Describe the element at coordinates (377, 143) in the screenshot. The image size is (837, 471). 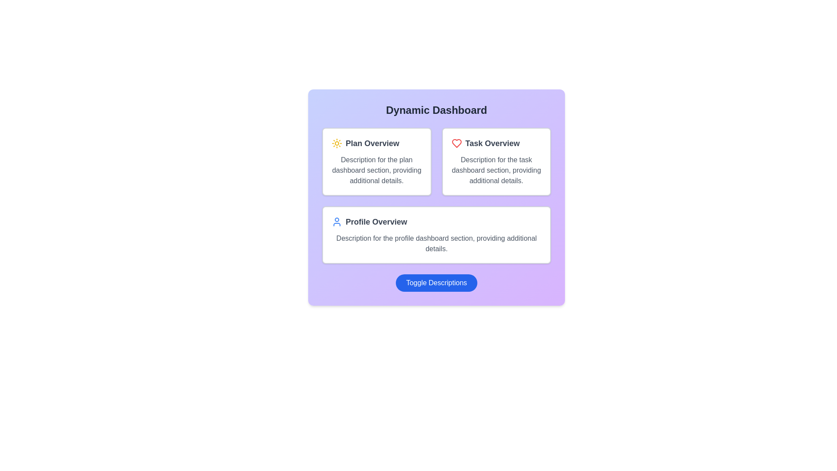
I see `the 'Plan Overview' header element located in the upper-left quadrant of the white rectangular card, which serves as a title for the associated card providing an overview of a plan` at that location.